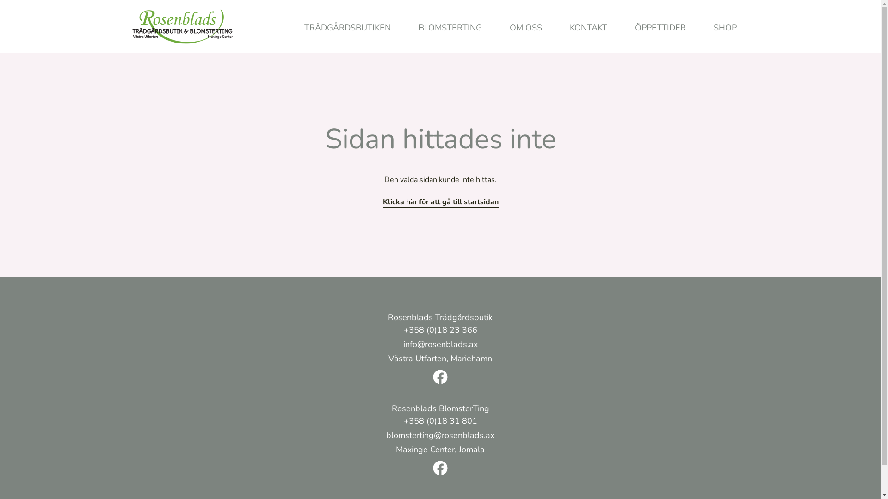 The image size is (888, 499). Describe the element at coordinates (724, 27) in the screenshot. I see `'SHOP'` at that location.